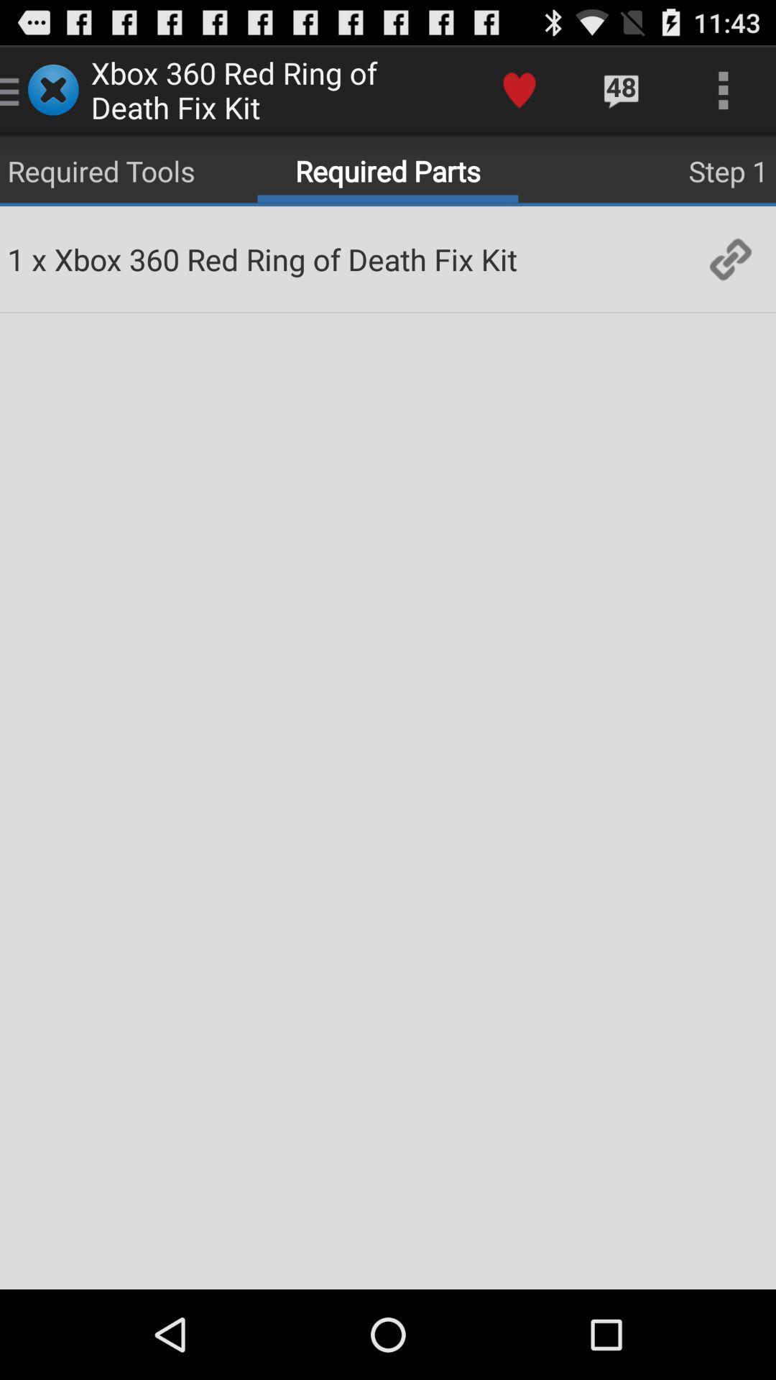 This screenshot has height=1380, width=776. What do you see at coordinates (731, 259) in the screenshot?
I see `icon to the right of the xbox 360 red item` at bounding box center [731, 259].